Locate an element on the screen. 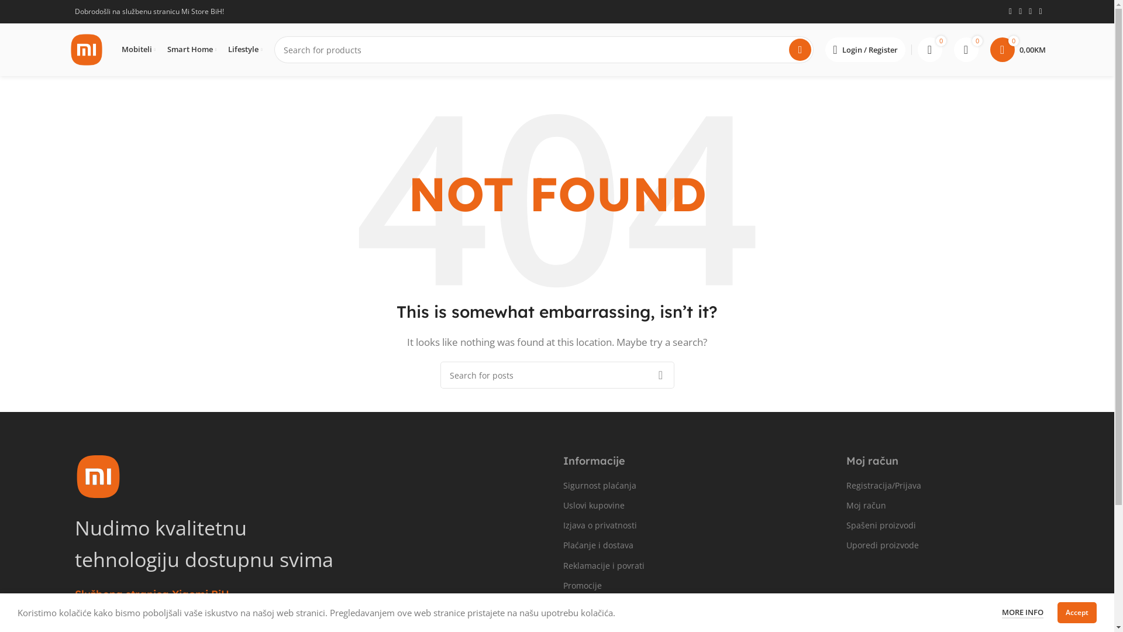 The height and width of the screenshot is (632, 1123). 'Login / Register' is located at coordinates (864, 49).